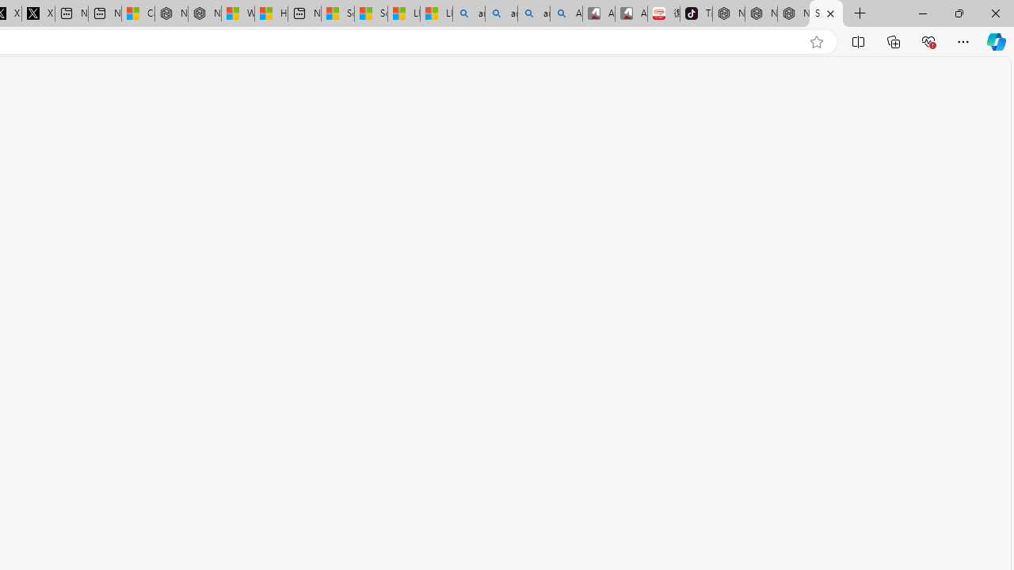 The image size is (1014, 570). What do you see at coordinates (272, 13) in the screenshot?
I see `'Huge shark washes ashore at New York City beach | Watch'` at bounding box center [272, 13].